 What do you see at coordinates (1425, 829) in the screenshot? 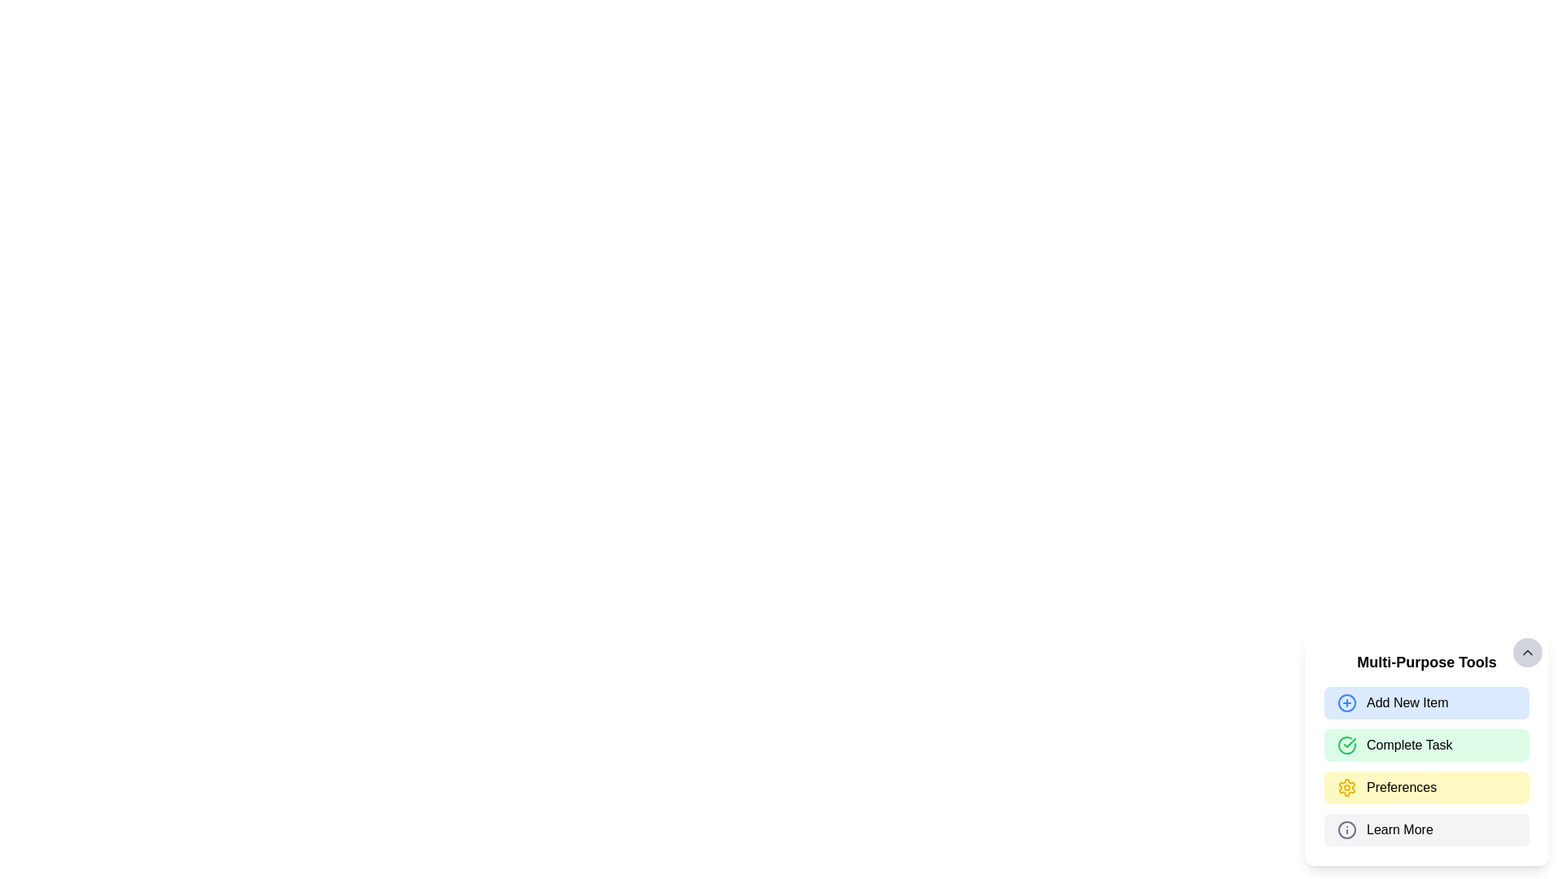
I see `the 'Learn More' button located at the bottom of the 'Multi-Purpose Tools' menu` at bounding box center [1425, 829].